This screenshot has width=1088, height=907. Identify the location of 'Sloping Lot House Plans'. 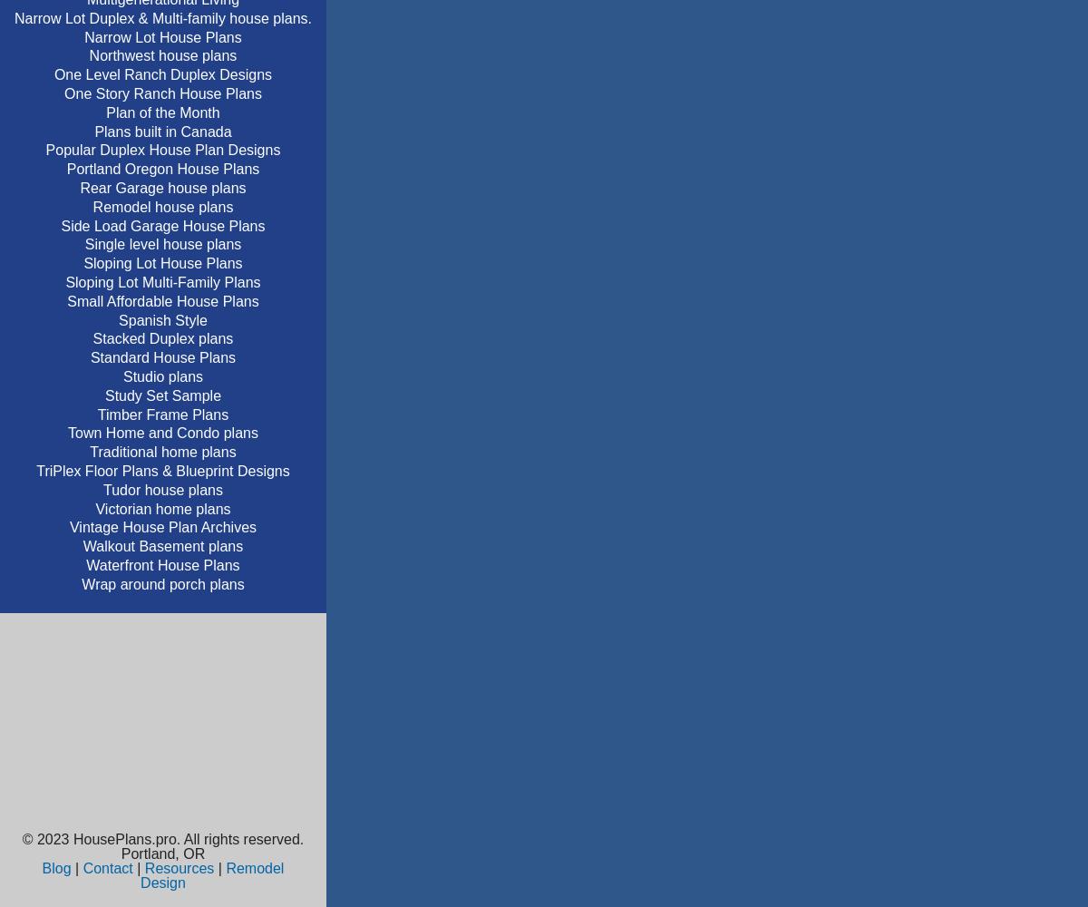
(161, 263).